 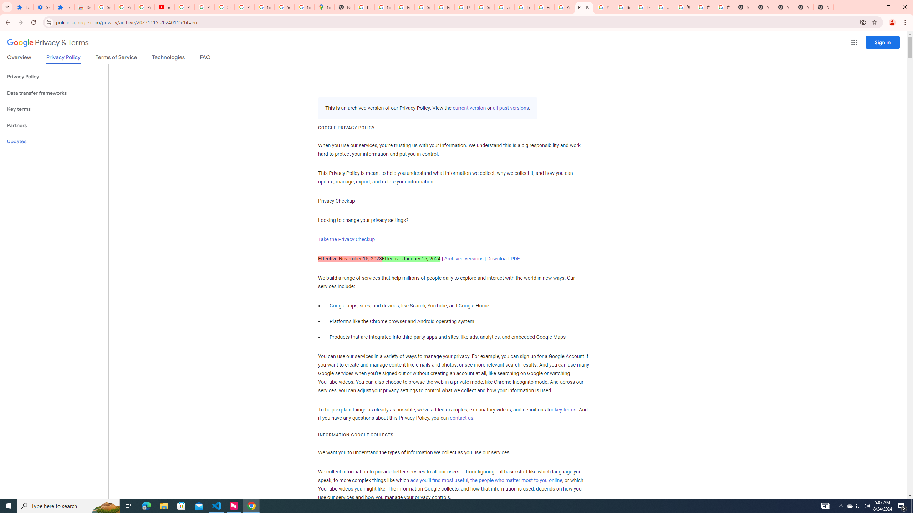 I want to click on 'Privacy Help Center - Policies Help', so click(x=564, y=7).